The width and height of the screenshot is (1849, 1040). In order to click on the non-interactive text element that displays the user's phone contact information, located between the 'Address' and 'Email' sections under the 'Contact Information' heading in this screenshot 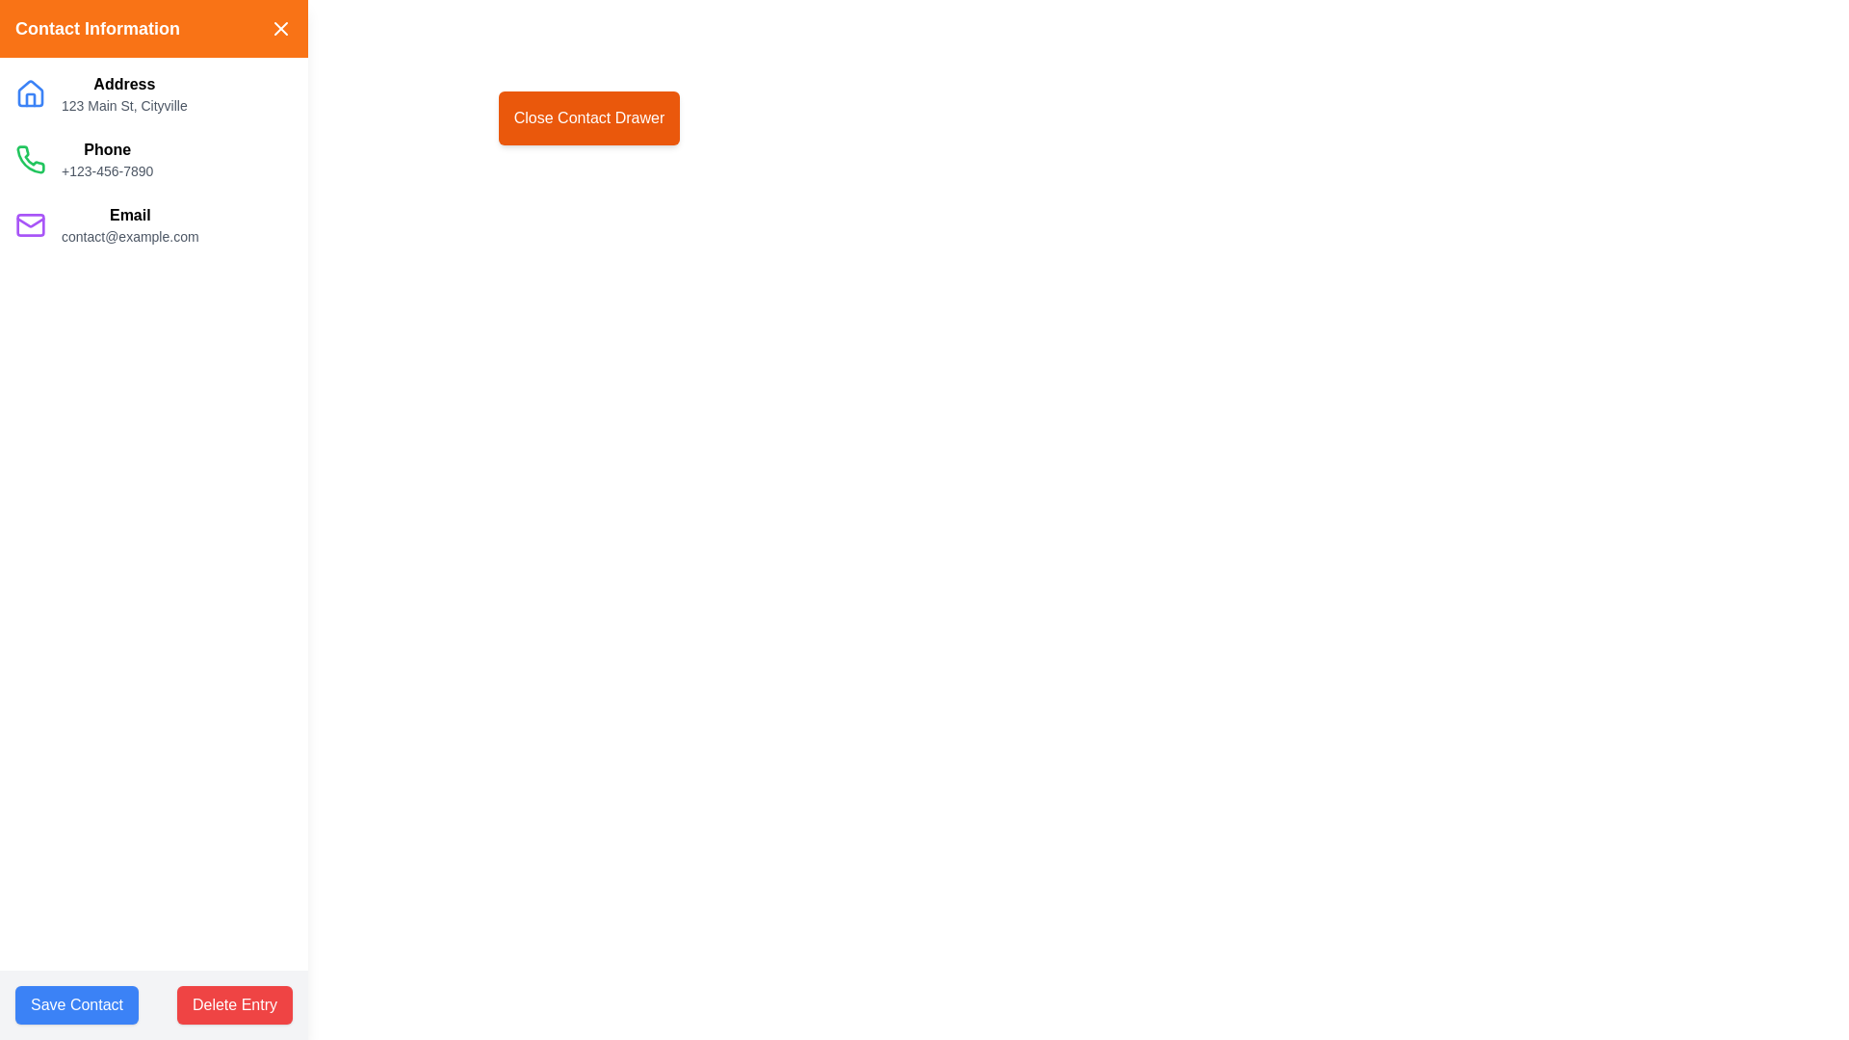, I will do `click(106, 158)`.